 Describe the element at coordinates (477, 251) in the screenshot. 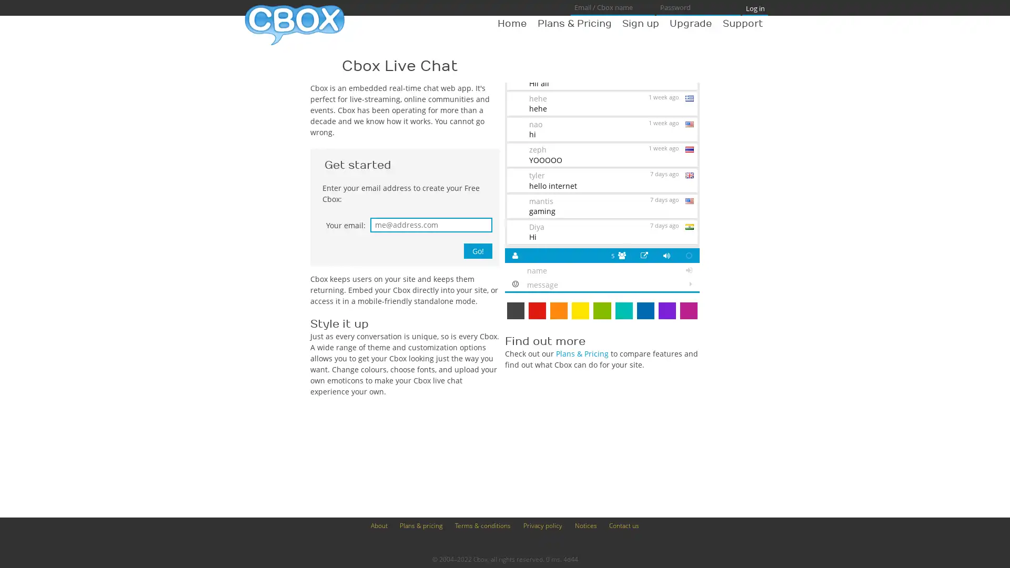

I see `Go!` at that location.